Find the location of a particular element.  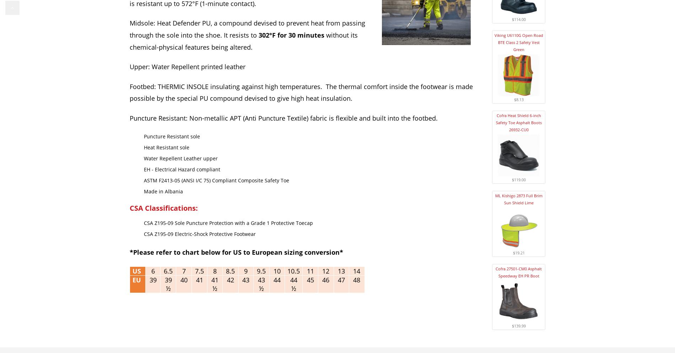

'$19.21' is located at coordinates (518, 253).